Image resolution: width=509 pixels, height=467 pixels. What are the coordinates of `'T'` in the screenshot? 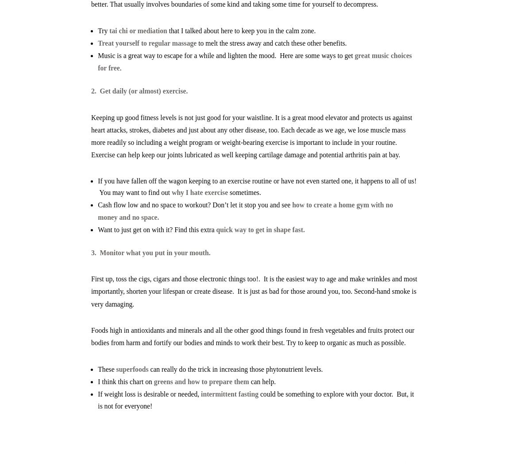 It's located at (97, 43).